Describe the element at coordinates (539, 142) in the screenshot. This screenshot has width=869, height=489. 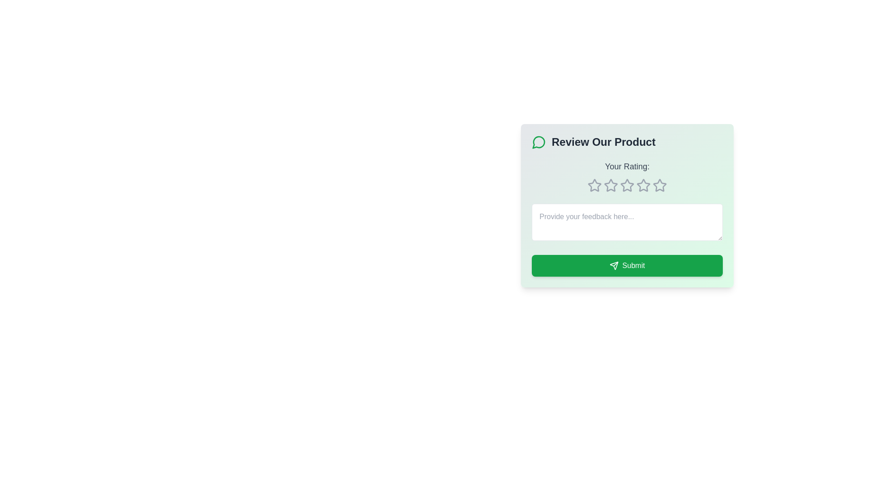
I see `the messaging icon located in the header section of the 'Review Our Product' card, positioned above the 'Your Rating' section` at that location.